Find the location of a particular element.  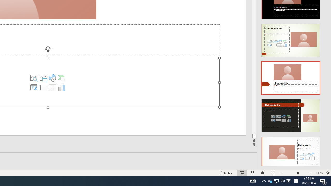

'Reading View' is located at coordinates (262, 173).